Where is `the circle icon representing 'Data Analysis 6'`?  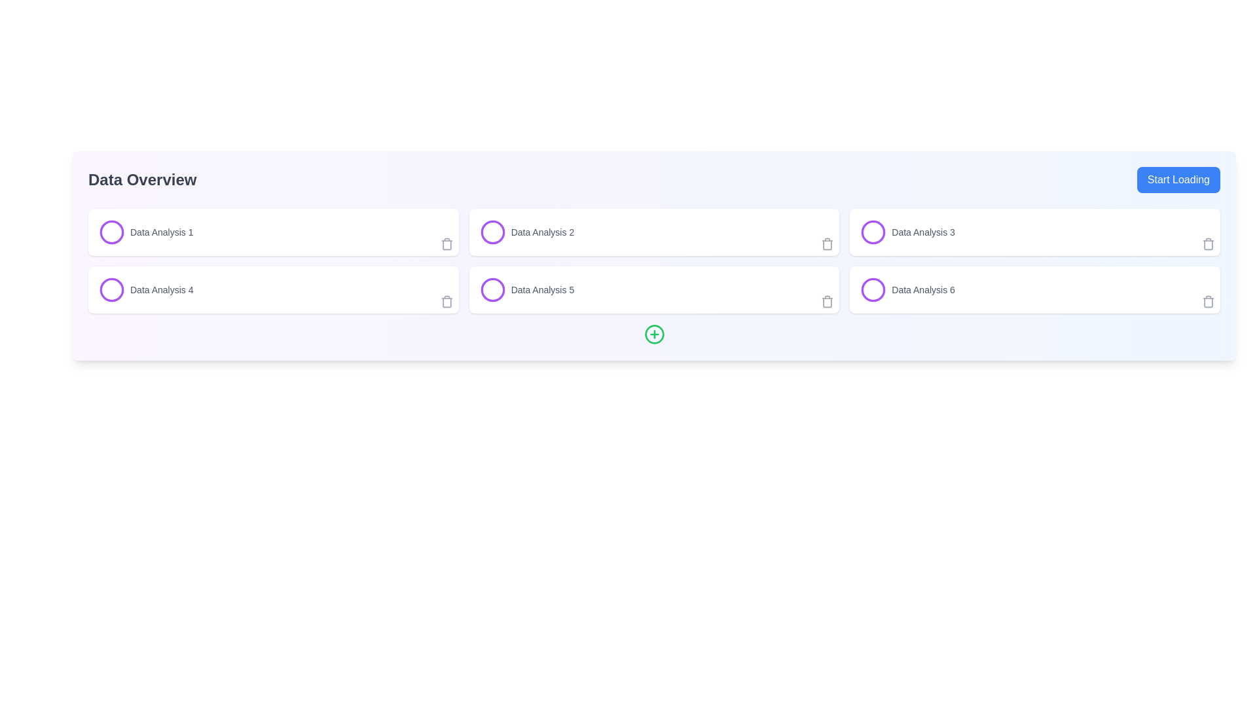
the circle icon representing 'Data Analysis 6' is located at coordinates (873, 289).